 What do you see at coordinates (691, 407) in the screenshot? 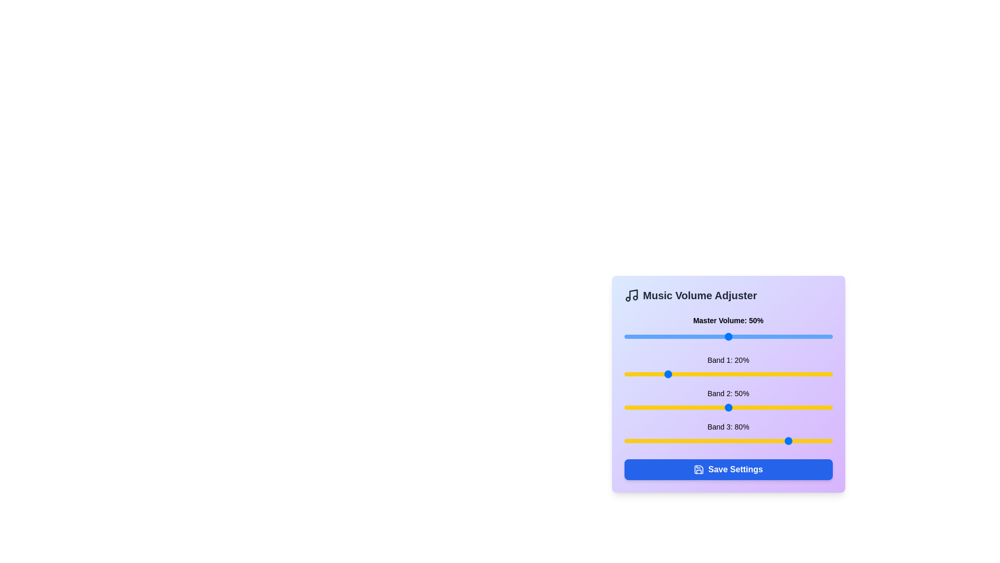
I see `Band 2's volume` at bounding box center [691, 407].